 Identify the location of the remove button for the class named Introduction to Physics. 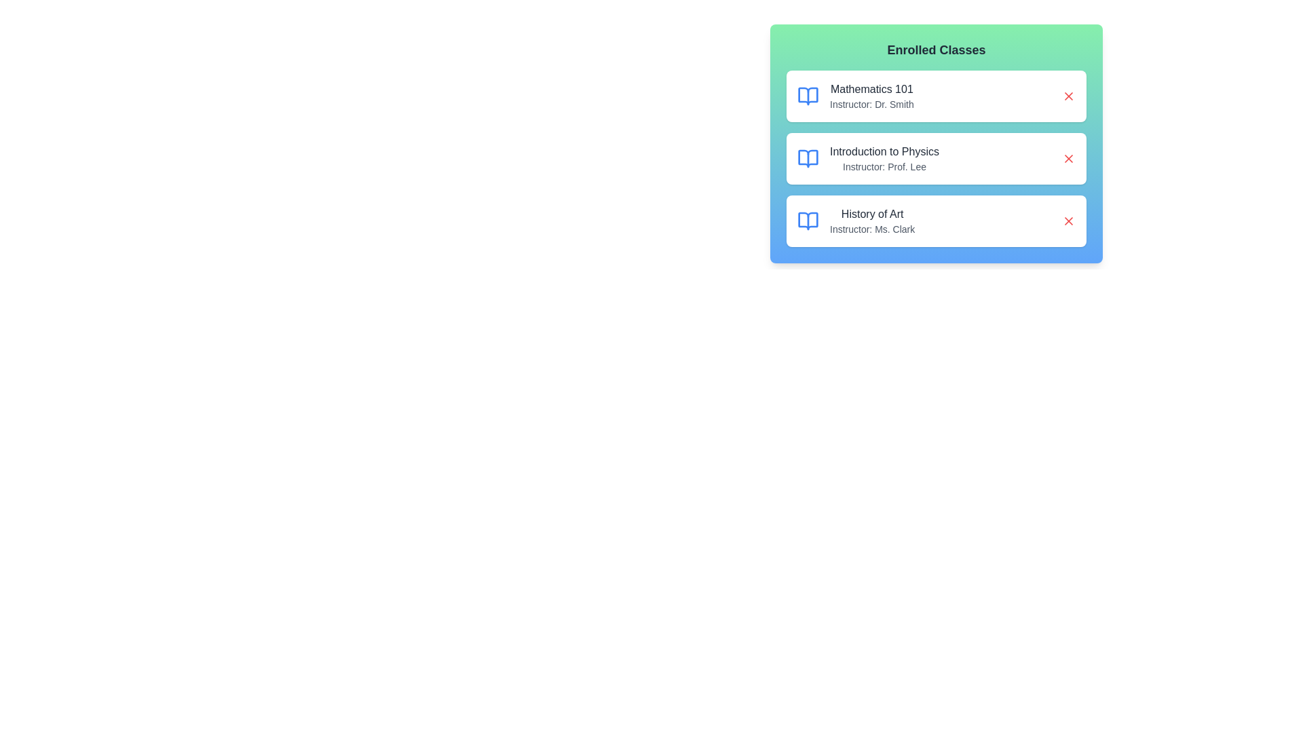
(1068, 158).